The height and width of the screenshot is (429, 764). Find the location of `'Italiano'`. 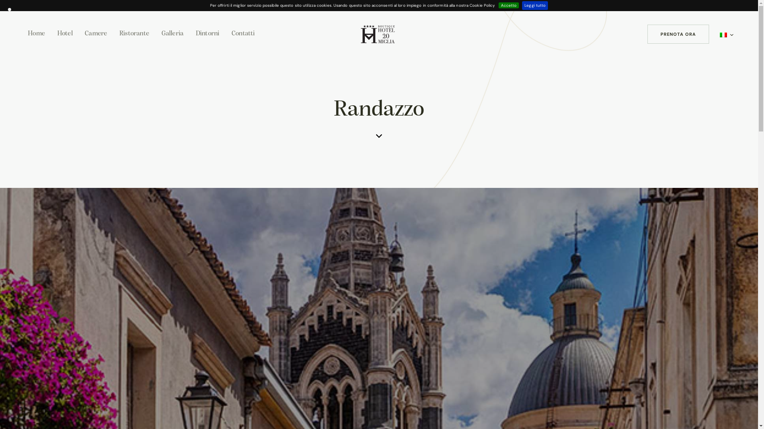

'Italiano' is located at coordinates (723, 35).